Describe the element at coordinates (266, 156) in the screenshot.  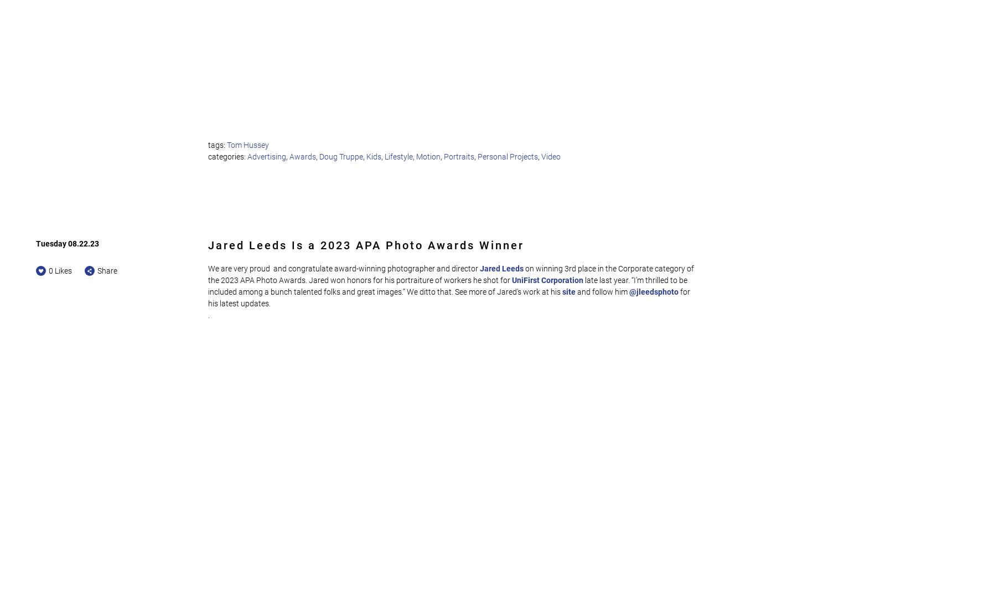
I see `'Advertising'` at that location.